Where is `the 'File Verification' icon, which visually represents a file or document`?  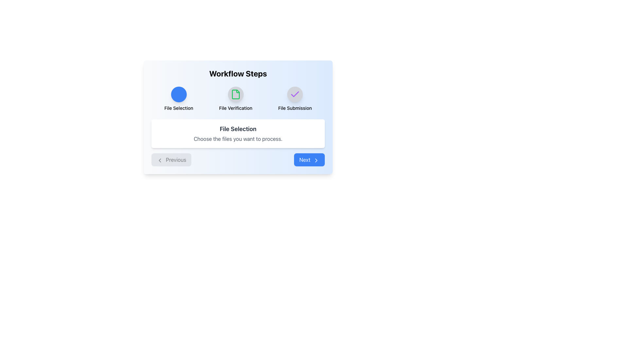 the 'File Verification' icon, which visually represents a file or document is located at coordinates (235, 94).